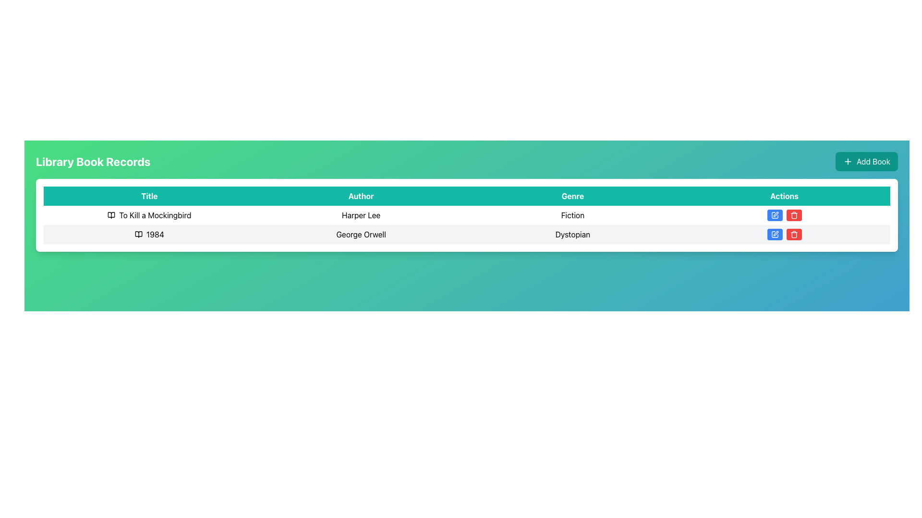 Image resolution: width=922 pixels, height=518 pixels. Describe the element at coordinates (155, 235) in the screenshot. I see `the Text Label displaying '1984' in bold black characters, which is positioned in the second row of a tabular list under the Title column` at that location.